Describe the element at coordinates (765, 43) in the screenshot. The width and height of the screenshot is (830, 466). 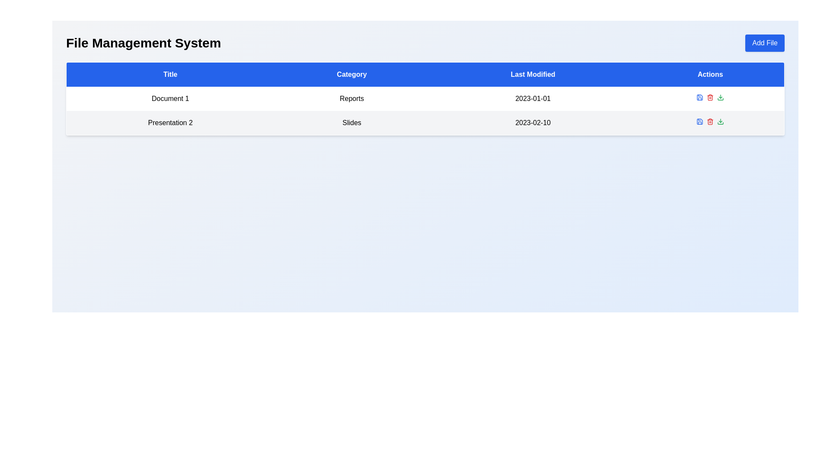
I see `the 'Add New File' button located in the upper-right corner of the File Management System interface` at that location.